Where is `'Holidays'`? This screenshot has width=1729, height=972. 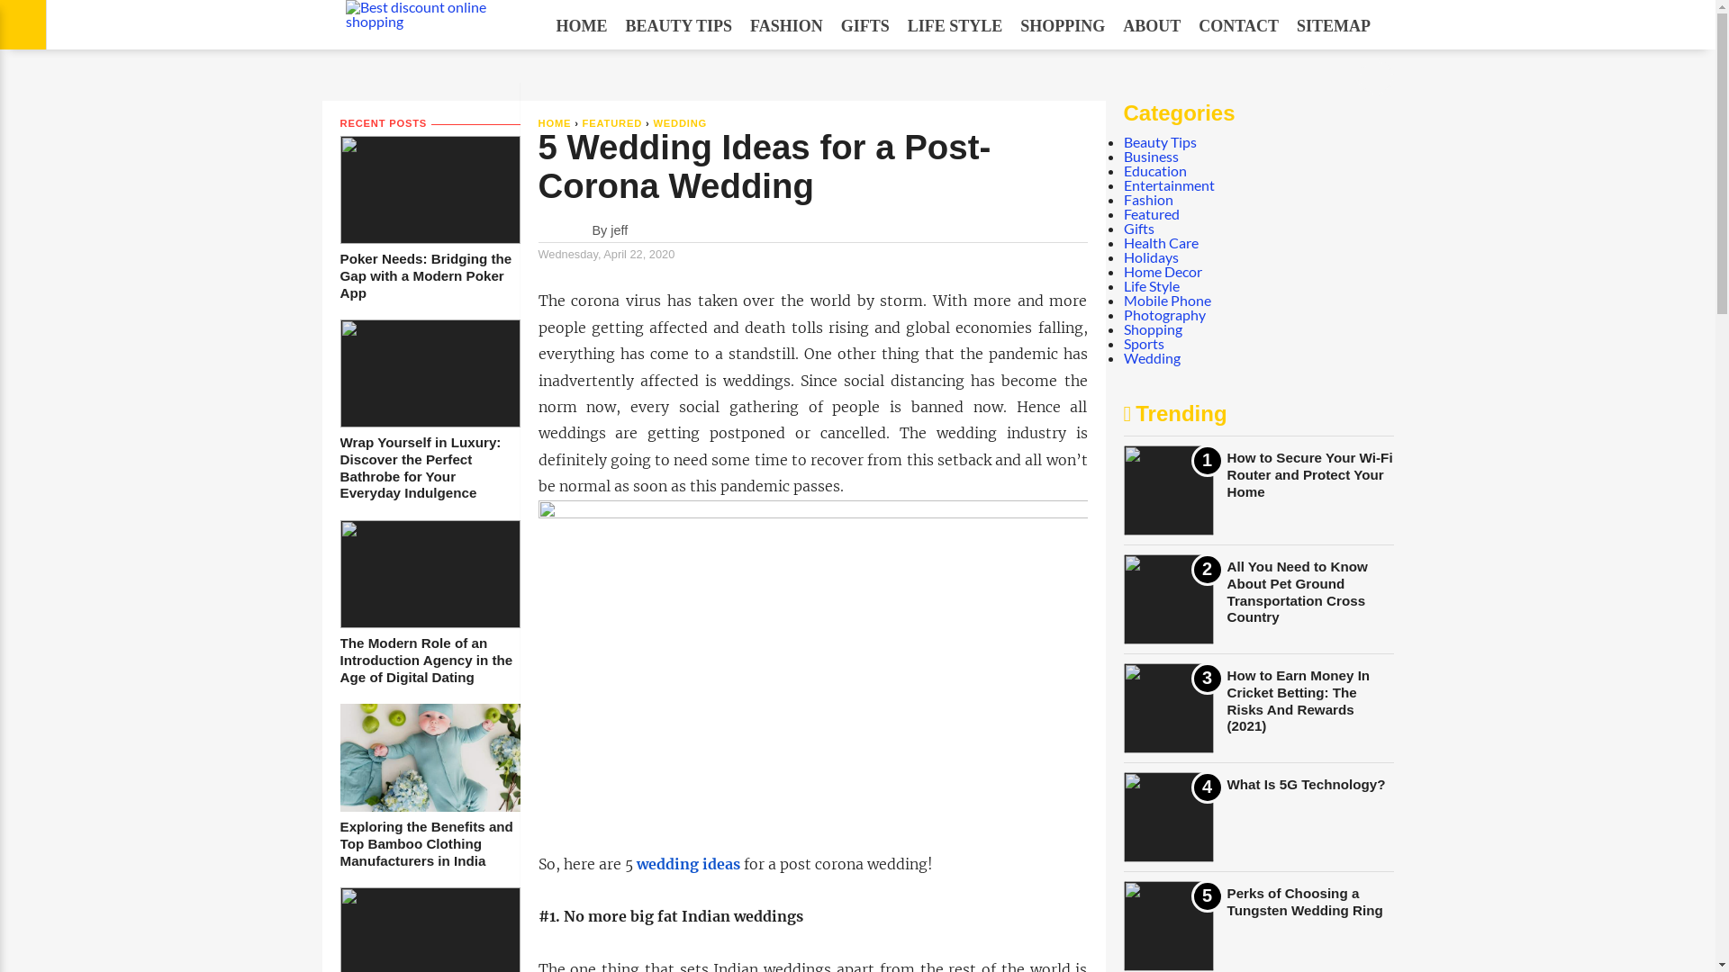 'Holidays' is located at coordinates (1150, 256).